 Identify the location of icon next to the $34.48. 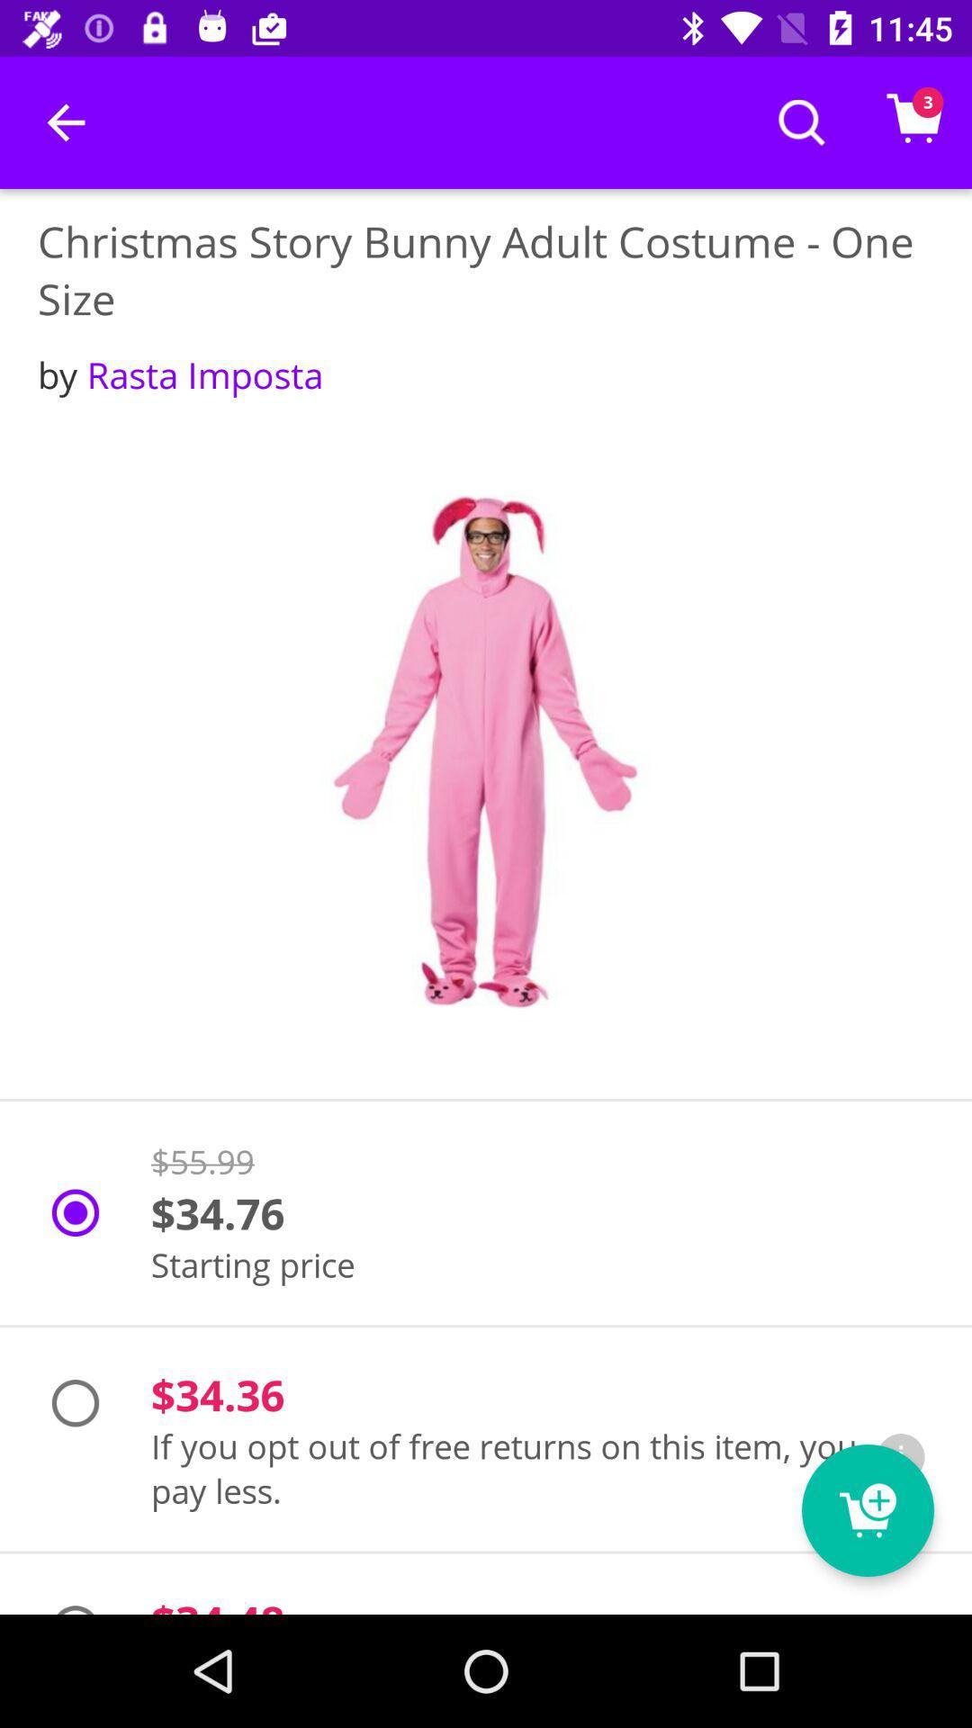
(867, 1510).